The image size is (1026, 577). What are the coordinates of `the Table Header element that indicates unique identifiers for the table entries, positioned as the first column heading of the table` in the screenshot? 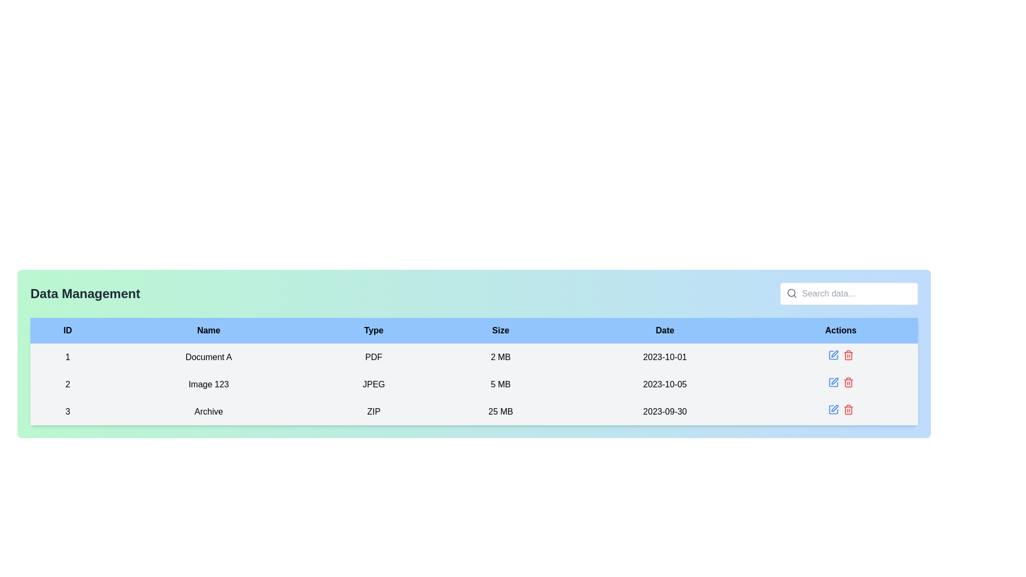 It's located at (67, 330).